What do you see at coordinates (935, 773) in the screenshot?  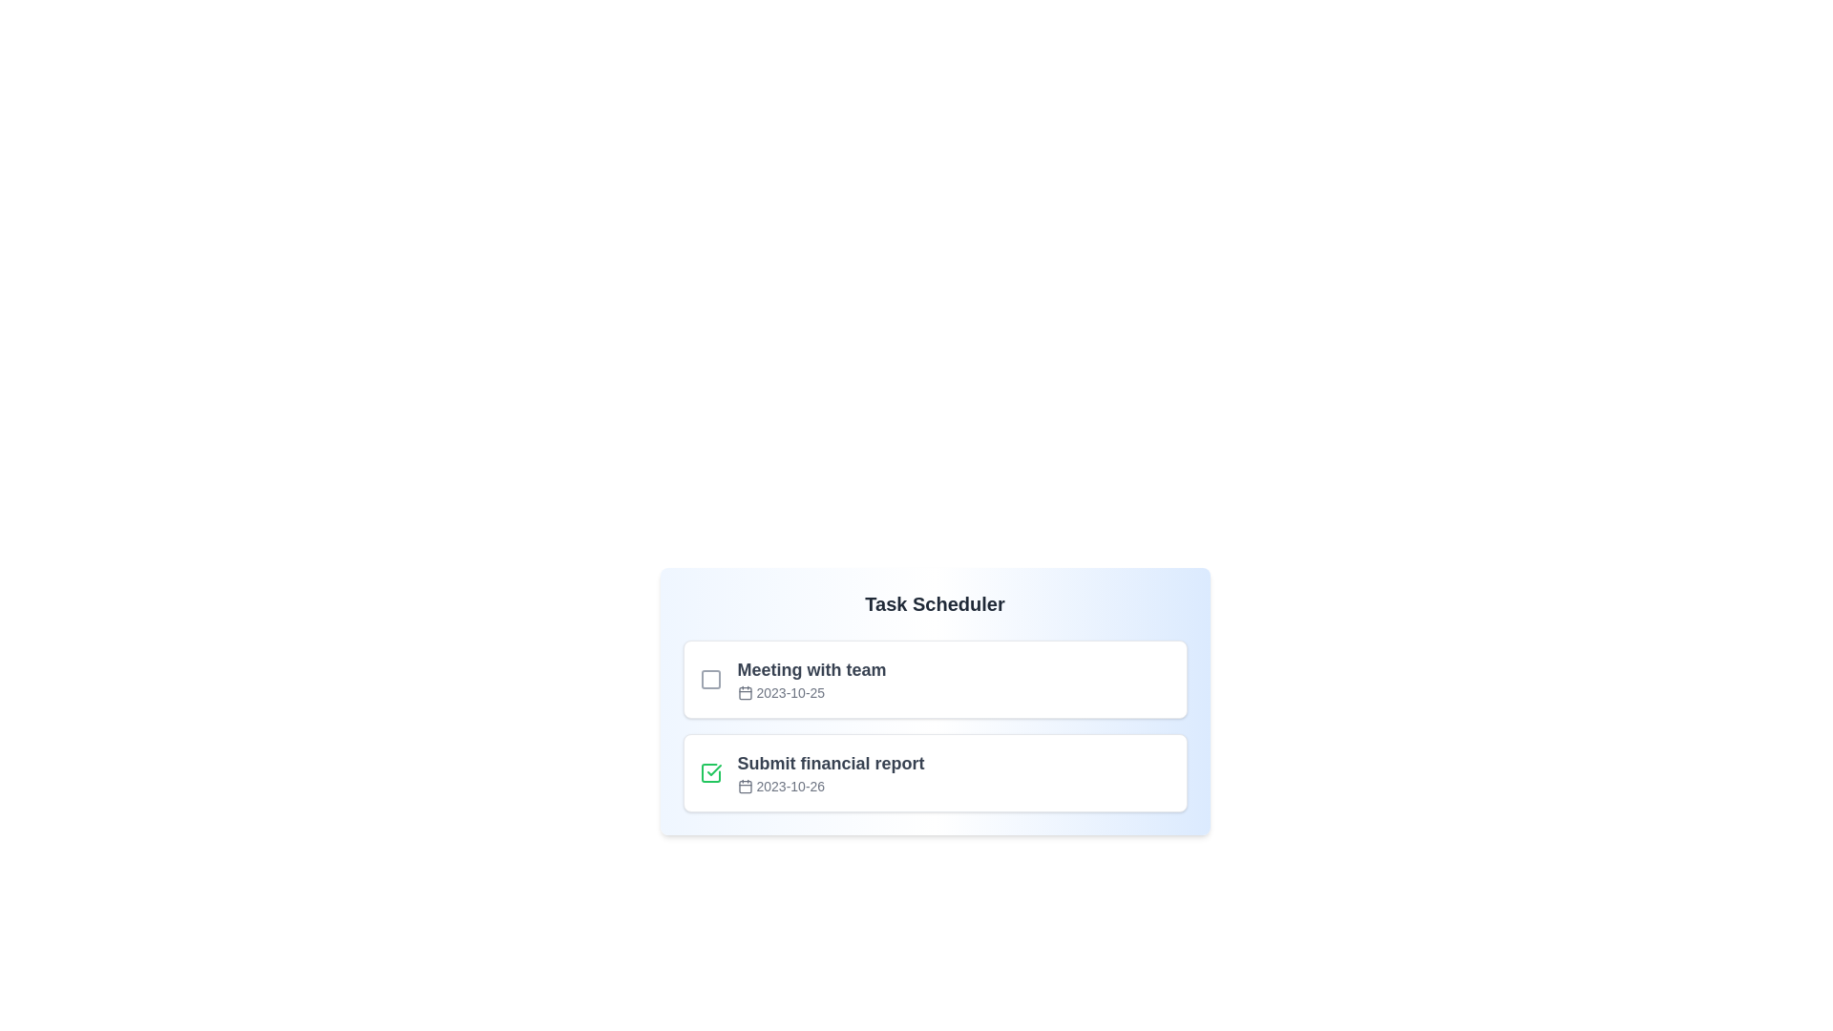 I see `the second task entry in the scheduler list, which details the task 'Submit financial report' and its due date '2023-10-26'` at bounding box center [935, 773].